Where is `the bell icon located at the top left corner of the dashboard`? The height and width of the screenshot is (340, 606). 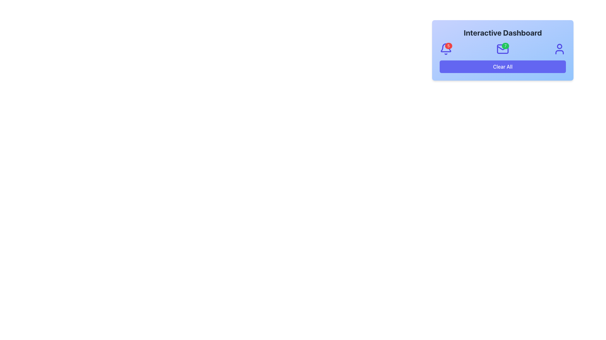
the bell icon located at the top left corner of the dashboard is located at coordinates (445, 47).